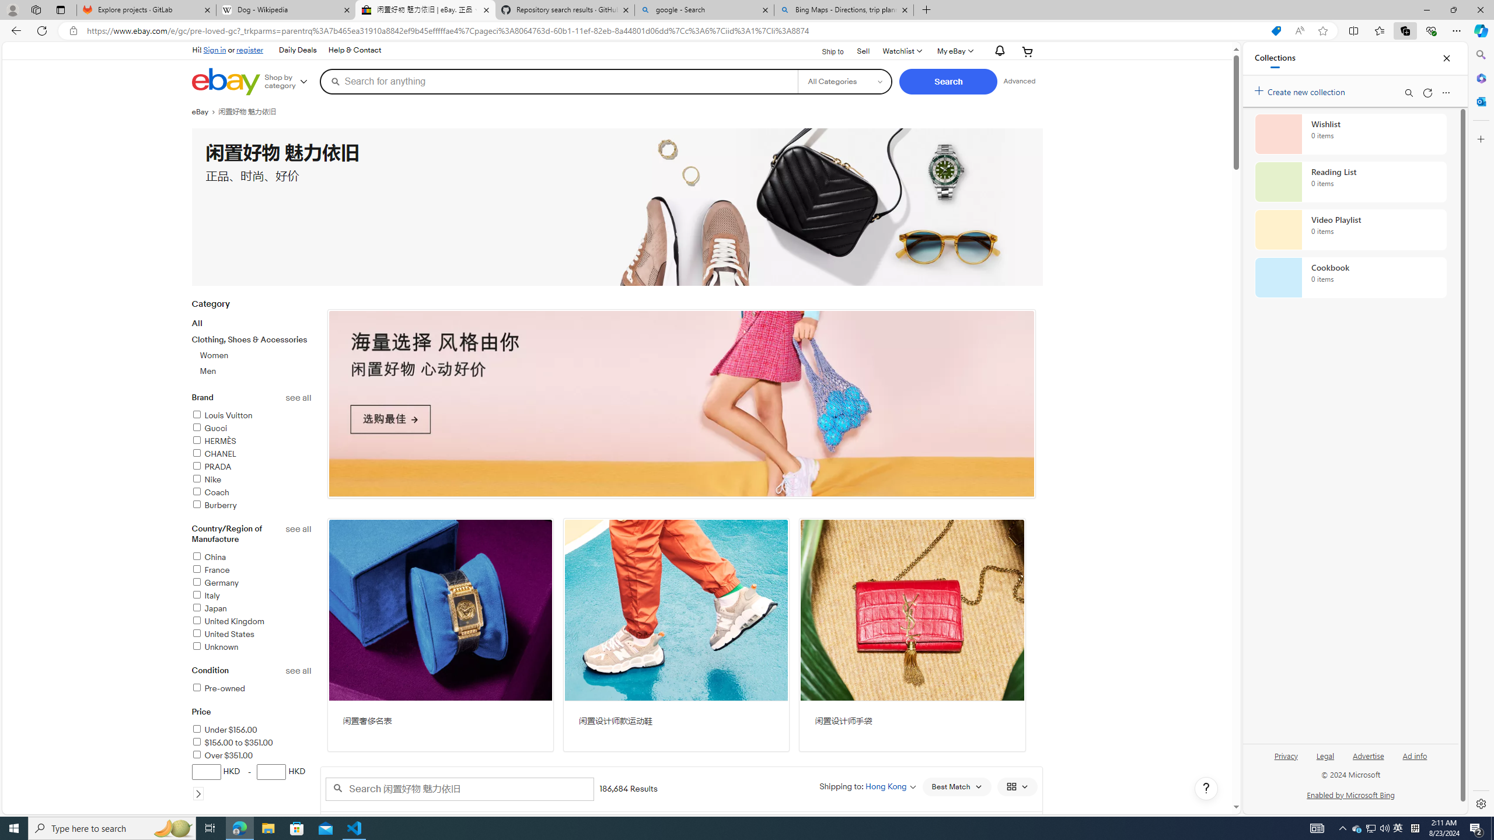 The width and height of the screenshot is (1494, 840). Describe the element at coordinates (252, 467) in the screenshot. I see `'PRADA'` at that location.